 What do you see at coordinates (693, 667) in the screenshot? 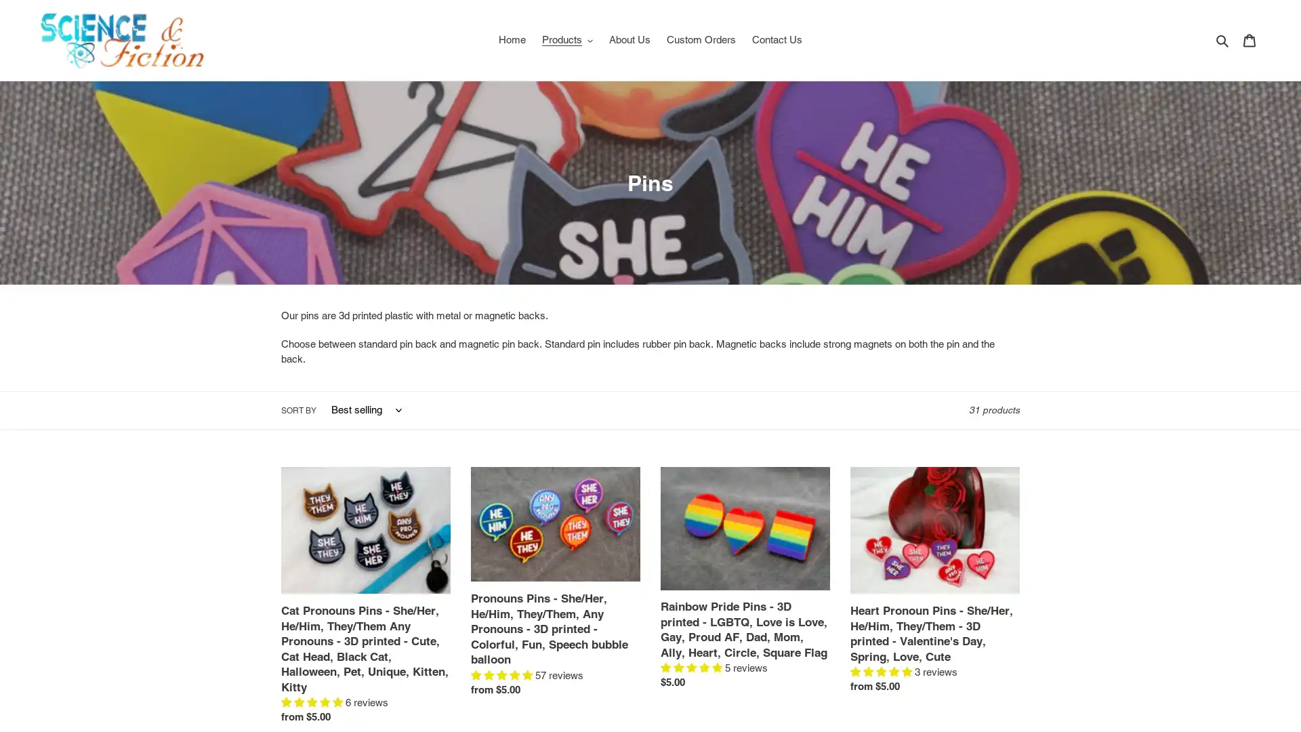
I see `5.00 stars` at bounding box center [693, 667].